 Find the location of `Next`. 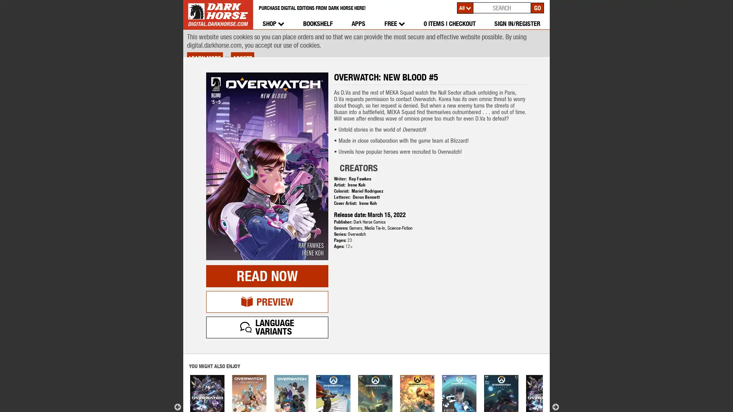

Next is located at coordinates (555, 380).